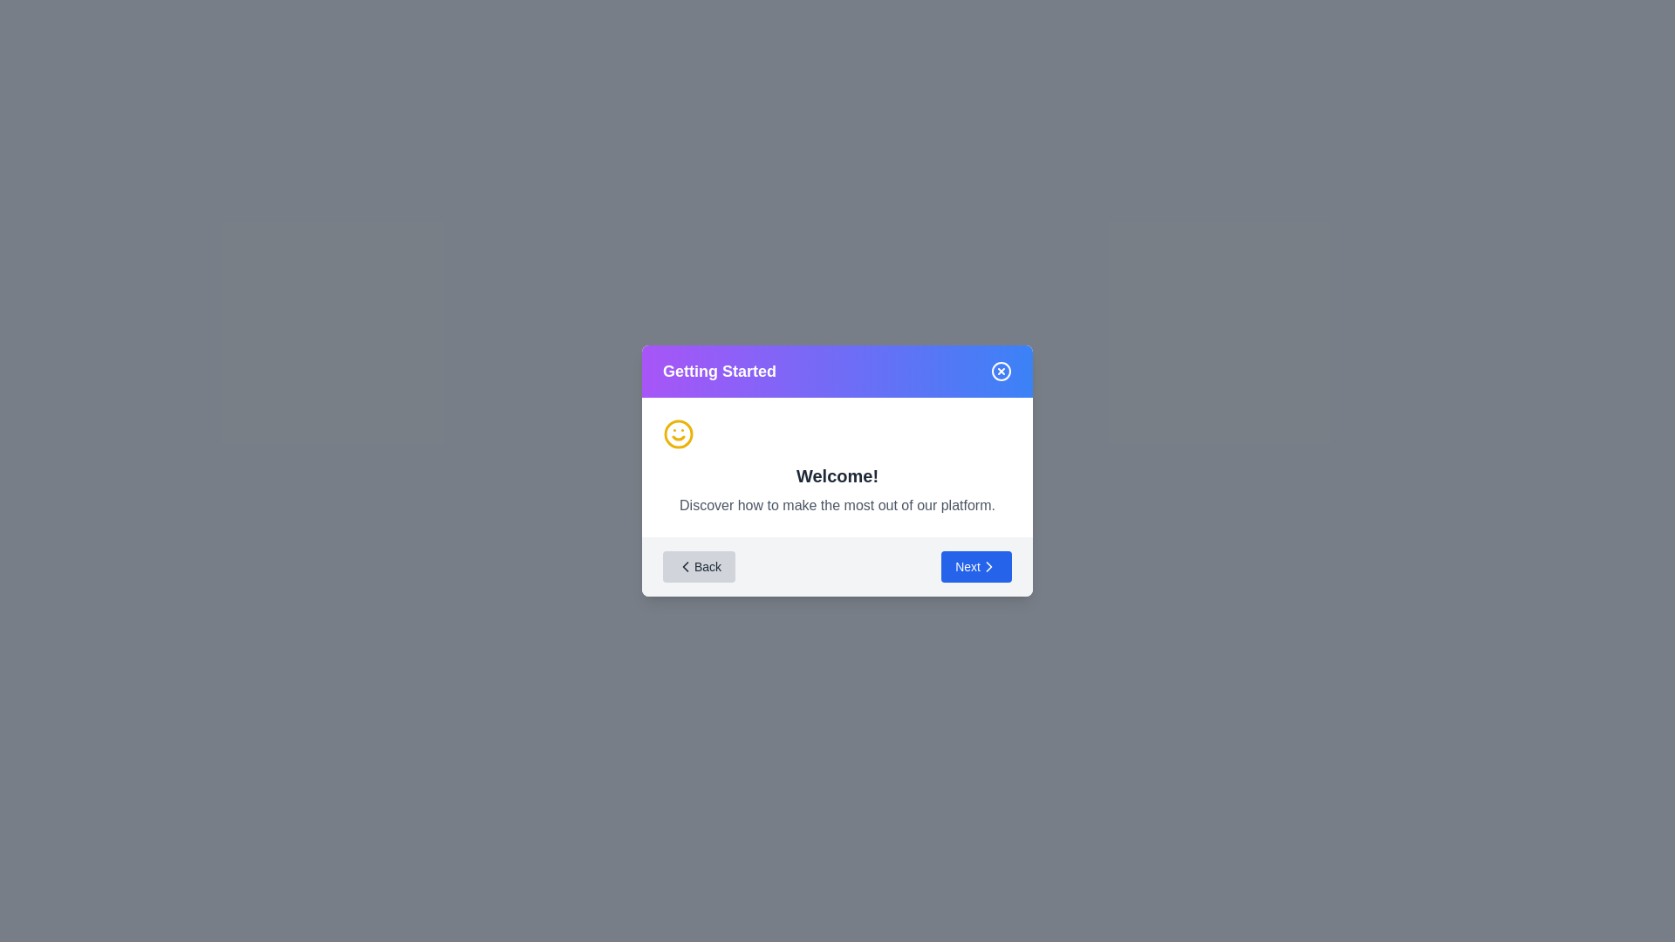  What do you see at coordinates (699, 567) in the screenshot?
I see `the 'Back' button located in the bottom-left corner of the centered modal dialog box` at bounding box center [699, 567].